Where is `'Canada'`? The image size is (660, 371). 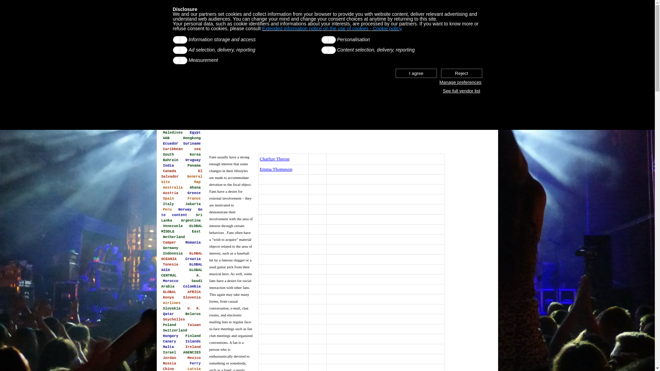
'Canada' is located at coordinates (169, 170).